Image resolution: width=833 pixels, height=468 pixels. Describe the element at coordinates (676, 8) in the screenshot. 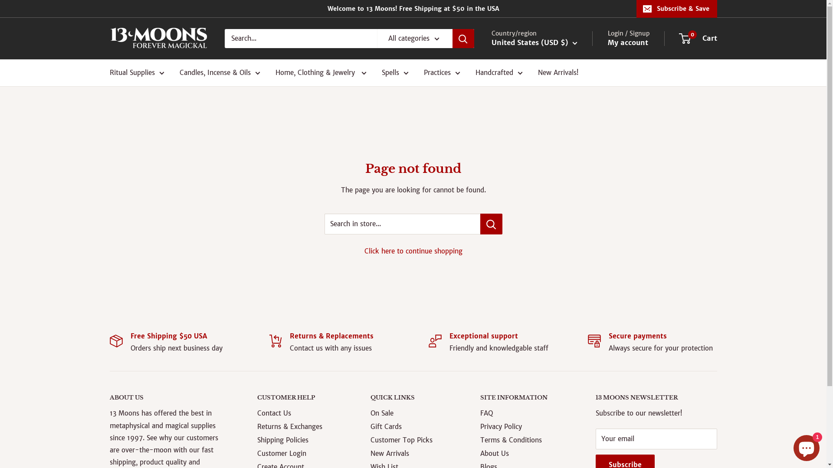

I see `'Subscribe & Save'` at that location.